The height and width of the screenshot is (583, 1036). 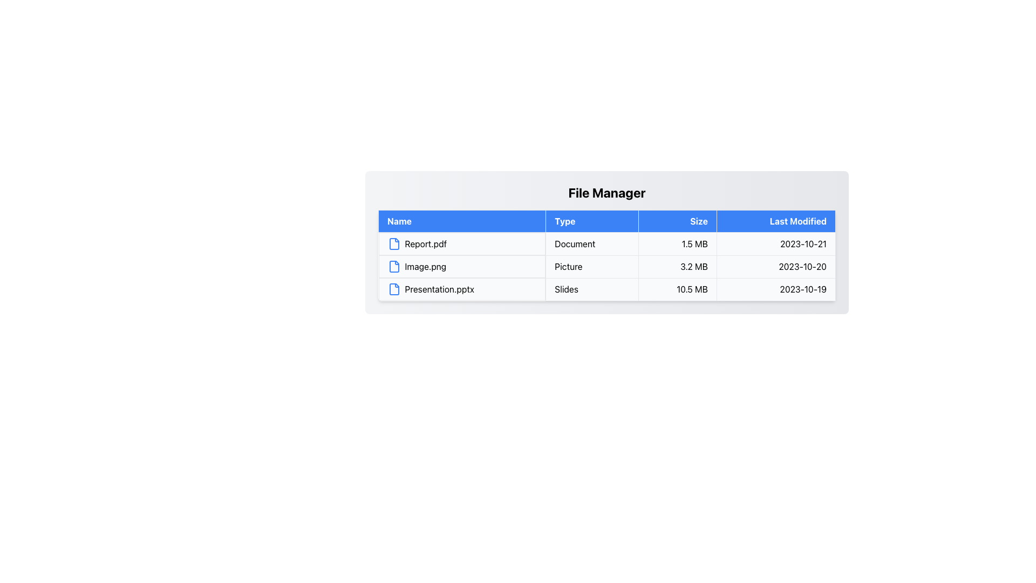 I want to click on the text element displaying the last modified date of a file entry located in the fourth column of the third row of a table within the file manager interface, so click(x=775, y=289).